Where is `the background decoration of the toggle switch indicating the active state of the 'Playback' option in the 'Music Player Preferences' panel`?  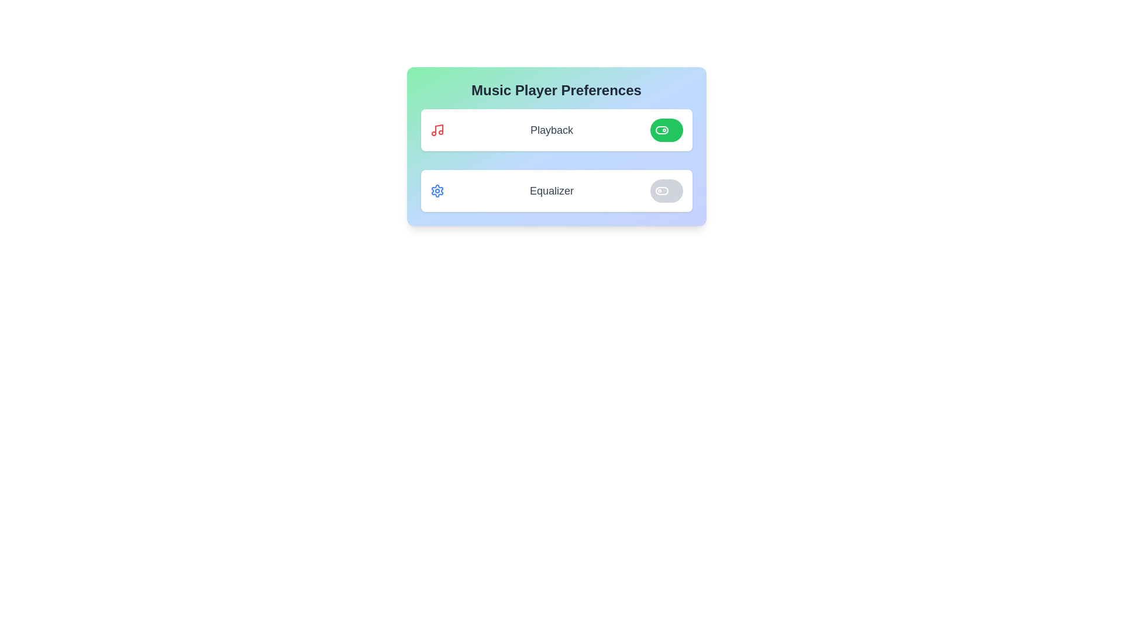
the background decoration of the toggle switch indicating the active state of the 'Playback' option in the 'Music Player Preferences' panel is located at coordinates (662, 130).